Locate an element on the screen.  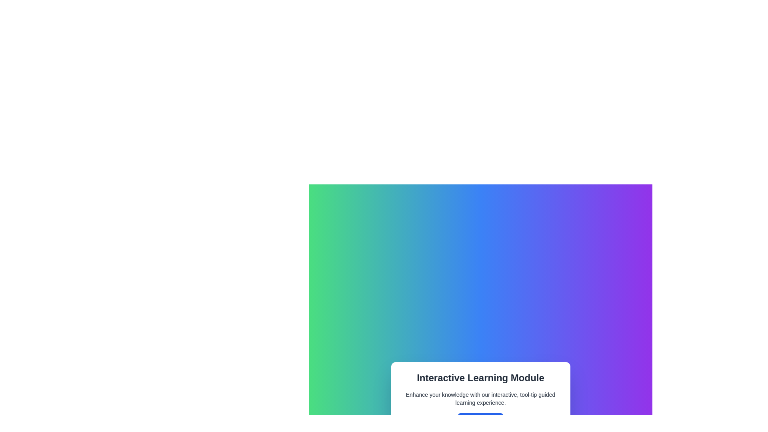
the text component displaying 'Enhance your knowledge with our interactive, tool-tip guided learning experience.' which is positioned beneath the title 'Interactive Learning Module' is located at coordinates (480, 398).